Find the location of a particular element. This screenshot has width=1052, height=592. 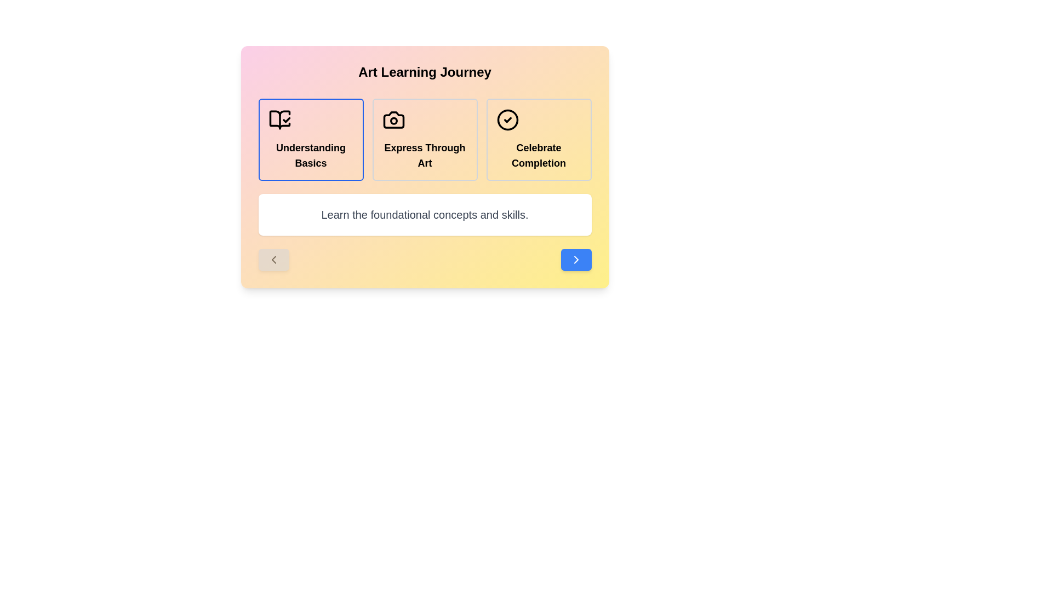

the icon representing the phase Express Through Art is located at coordinates (393, 120).